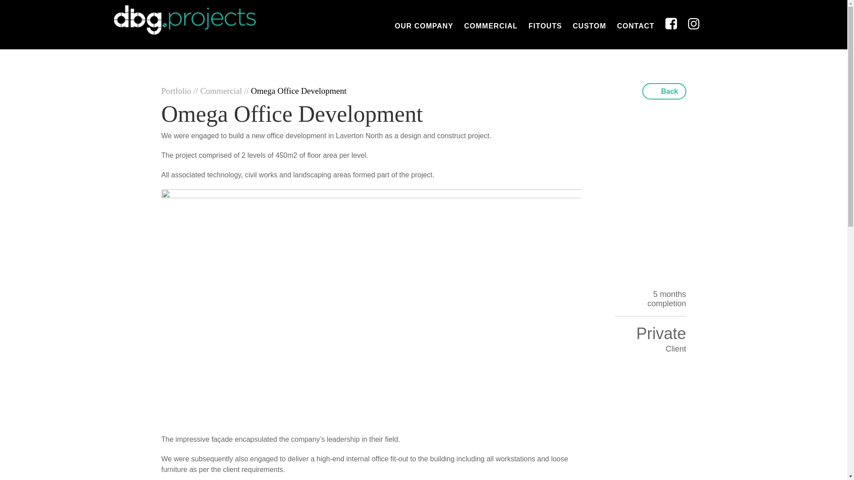 The image size is (854, 480). I want to click on 'OUR COMPANY', so click(423, 27).